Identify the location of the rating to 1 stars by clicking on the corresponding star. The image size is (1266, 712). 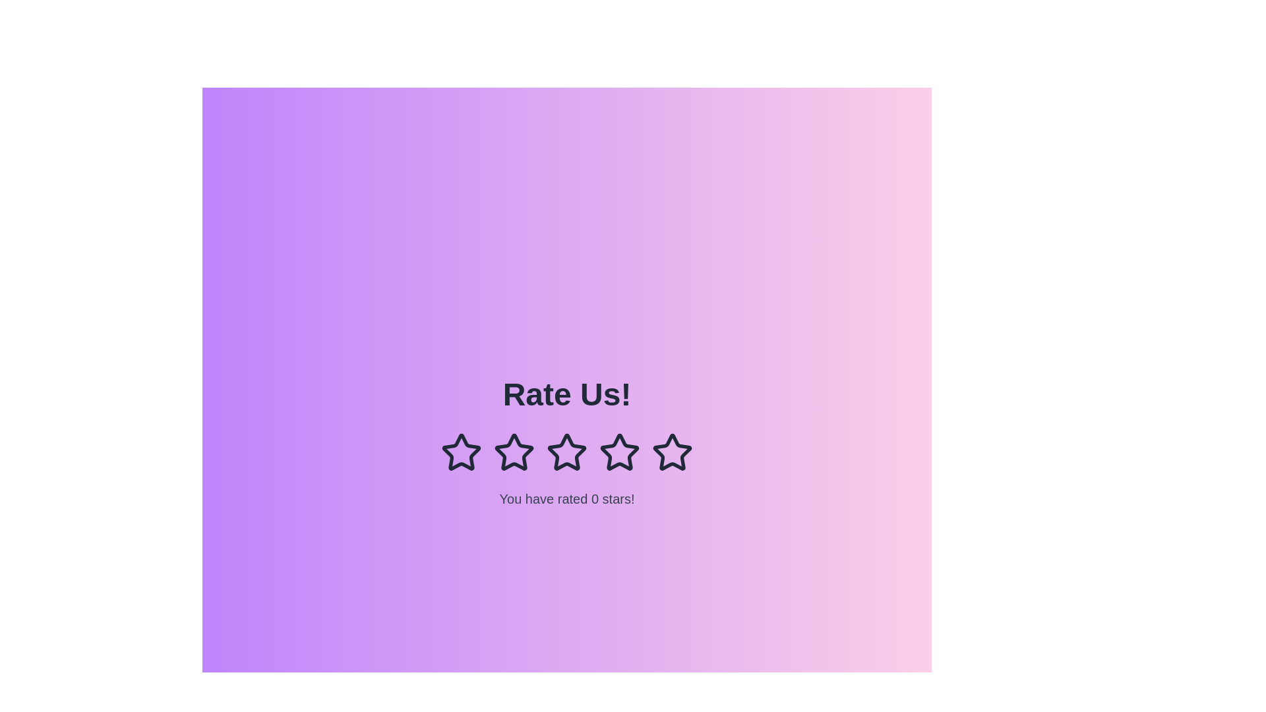
(462, 452).